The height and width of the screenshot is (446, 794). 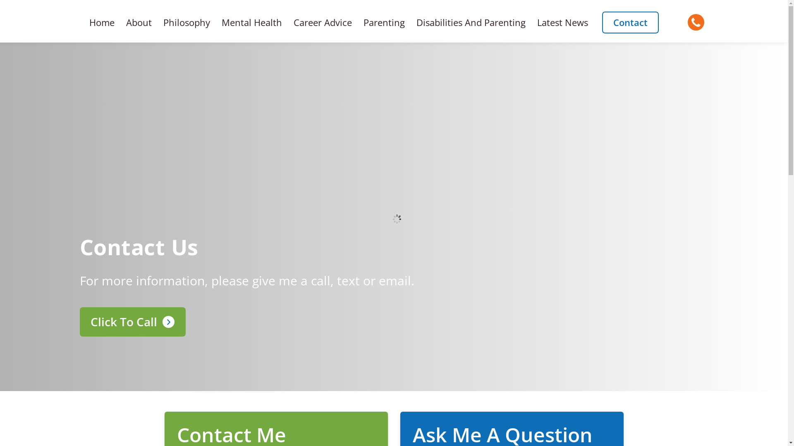 I want to click on 'Career Advice', so click(x=288, y=22).